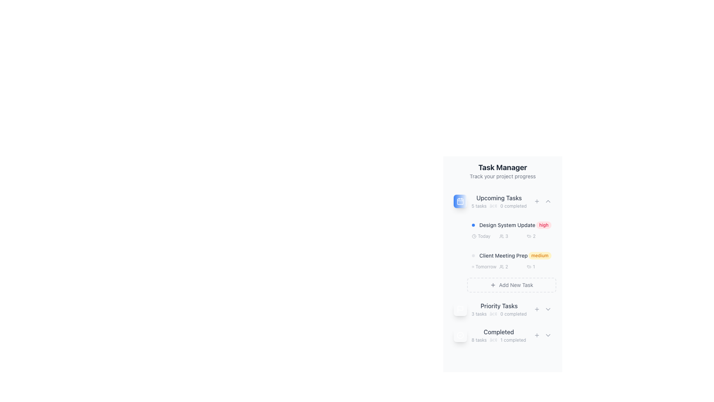 Image resolution: width=714 pixels, height=402 pixels. Describe the element at coordinates (504, 225) in the screenshot. I see `the text label indicating a specific task in the 'Upcoming Tasks' list, located under the blue circular icon and before the 'high' tag` at that location.